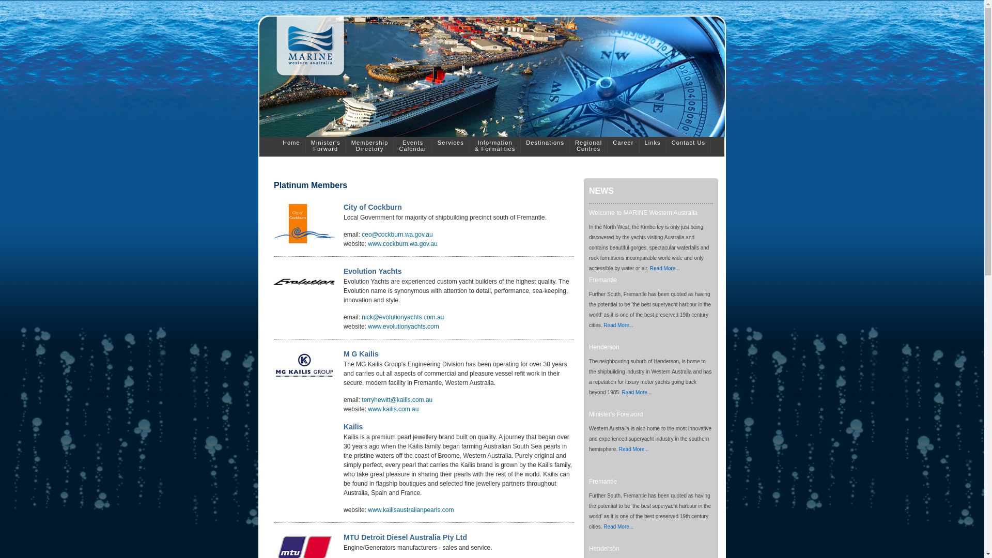  I want to click on 'Destinations', so click(545, 147).